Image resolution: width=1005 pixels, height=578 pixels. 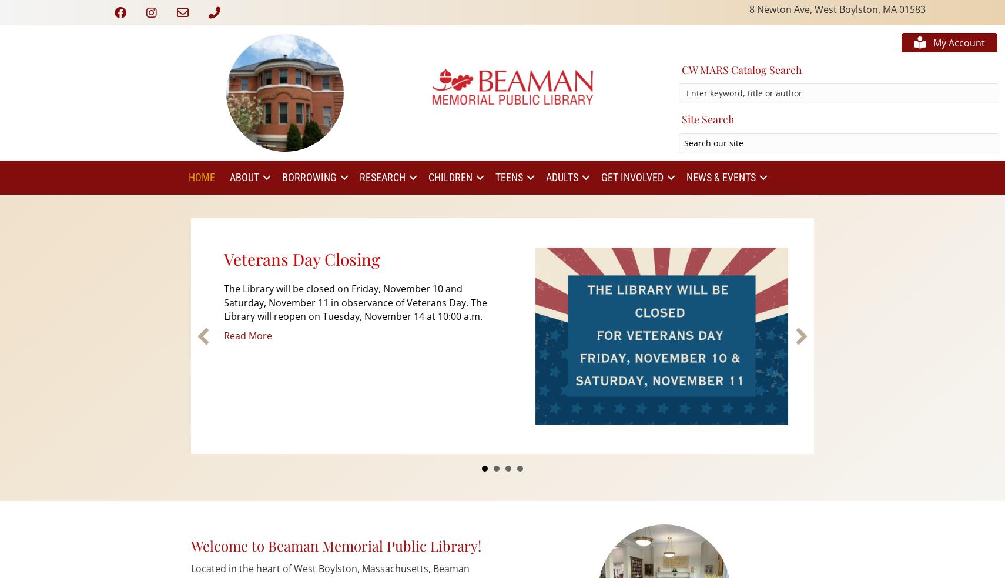 What do you see at coordinates (685, 177) in the screenshot?
I see `'News & Events'` at bounding box center [685, 177].